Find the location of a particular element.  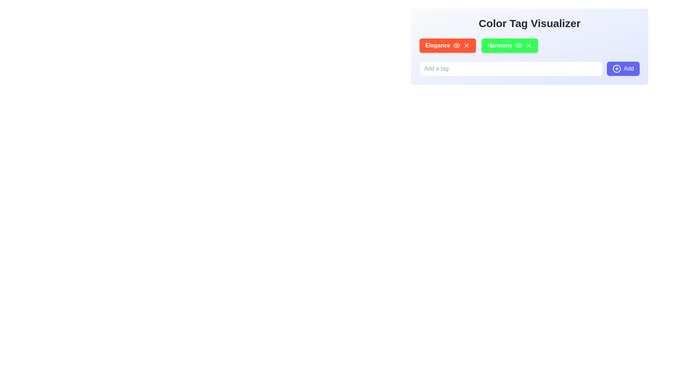

the circular blue icon with a white outline and plus sign, which is located inside the 'Add' button on the far right of the interface is located at coordinates (616, 68).